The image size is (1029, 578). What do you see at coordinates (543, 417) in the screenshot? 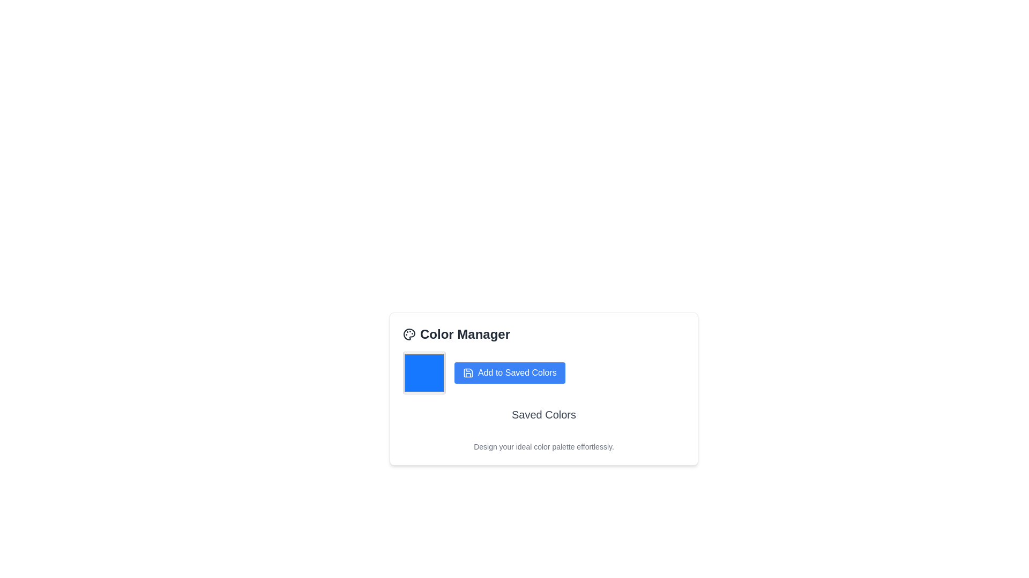
I see `the static text label element reading 'Saved Colors', which is styled in bold gray font and positioned within a white card interface, located below the 'Add to Saved Colors' button` at bounding box center [543, 417].